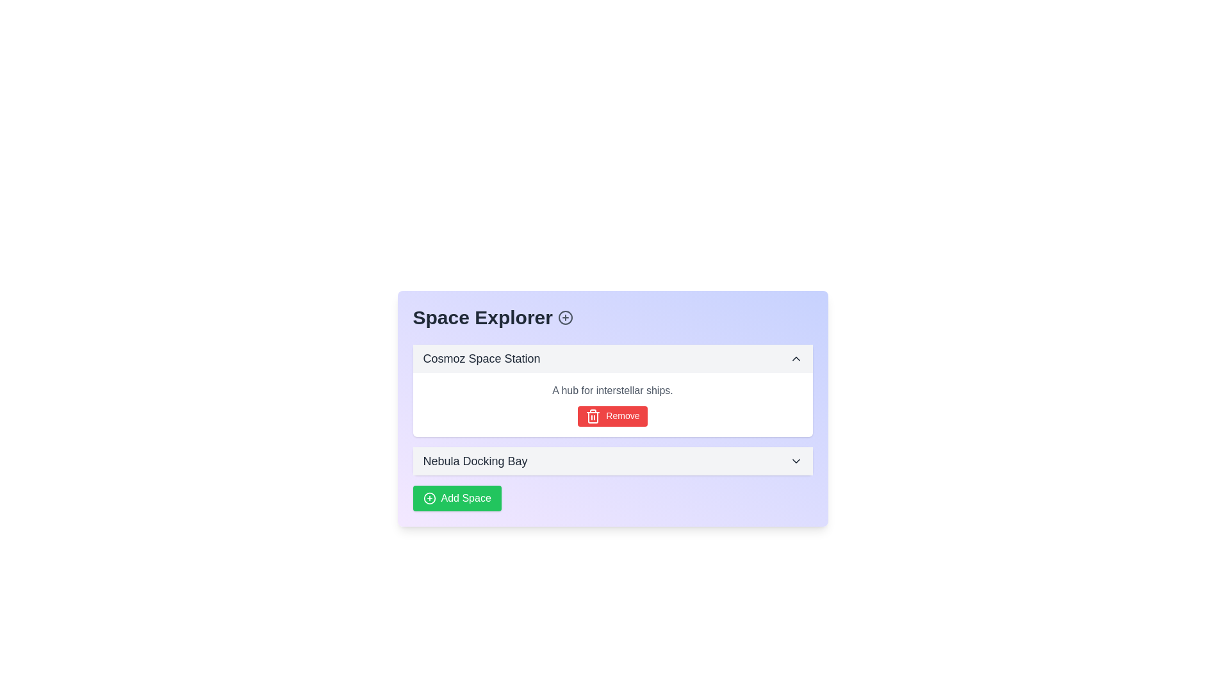  I want to click on the delete icon located within the 'Cosmoz Space Station' card, which is positioned to the left of the red 'Remove' button, so click(593, 417).